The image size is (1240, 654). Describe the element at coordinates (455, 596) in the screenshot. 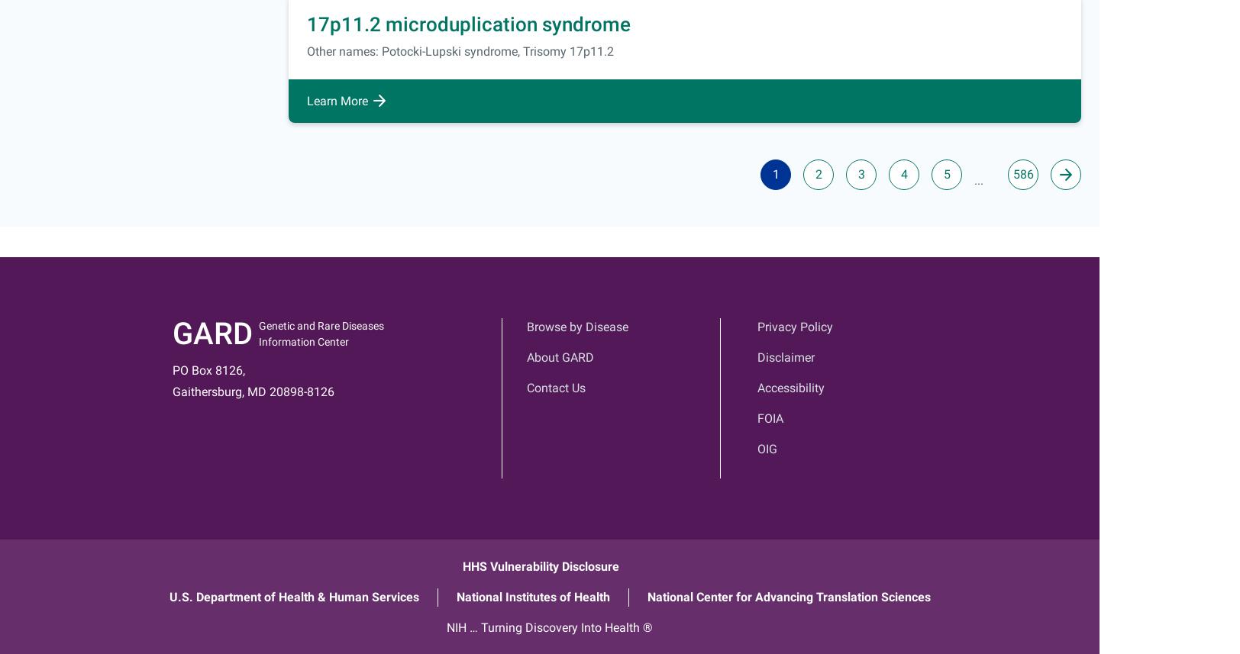

I see `'National Institutes of Health'` at that location.